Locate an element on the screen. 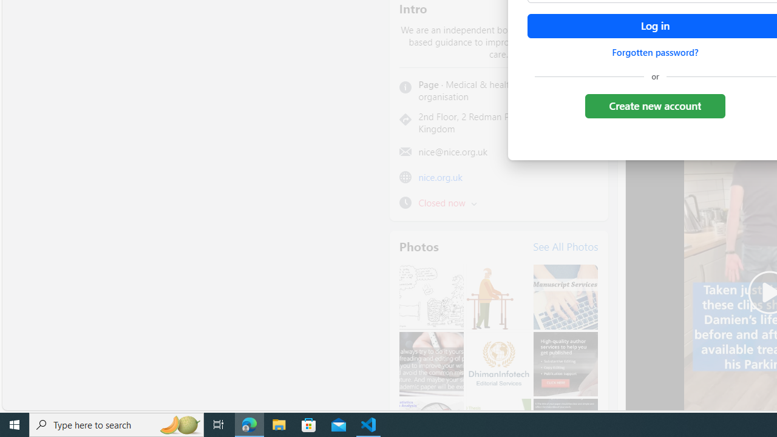  'Create new account' is located at coordinates (654, 105).